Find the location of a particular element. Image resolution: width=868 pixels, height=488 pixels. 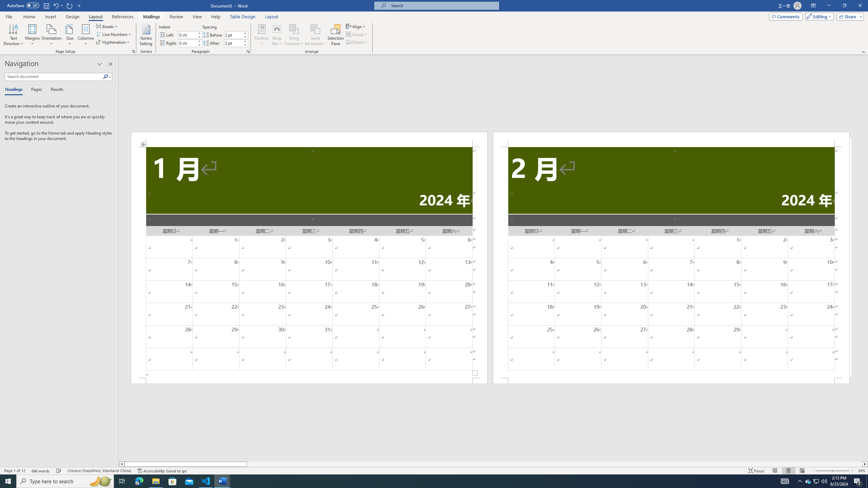

'Bring Forward' is located at coordinates (293, 28).